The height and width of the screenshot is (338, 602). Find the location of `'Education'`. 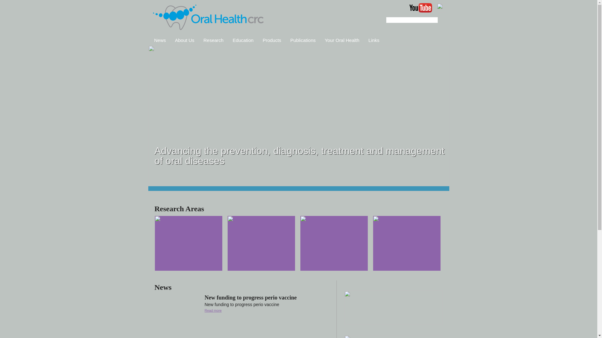

'Education' is located at coordinates (243, 40).